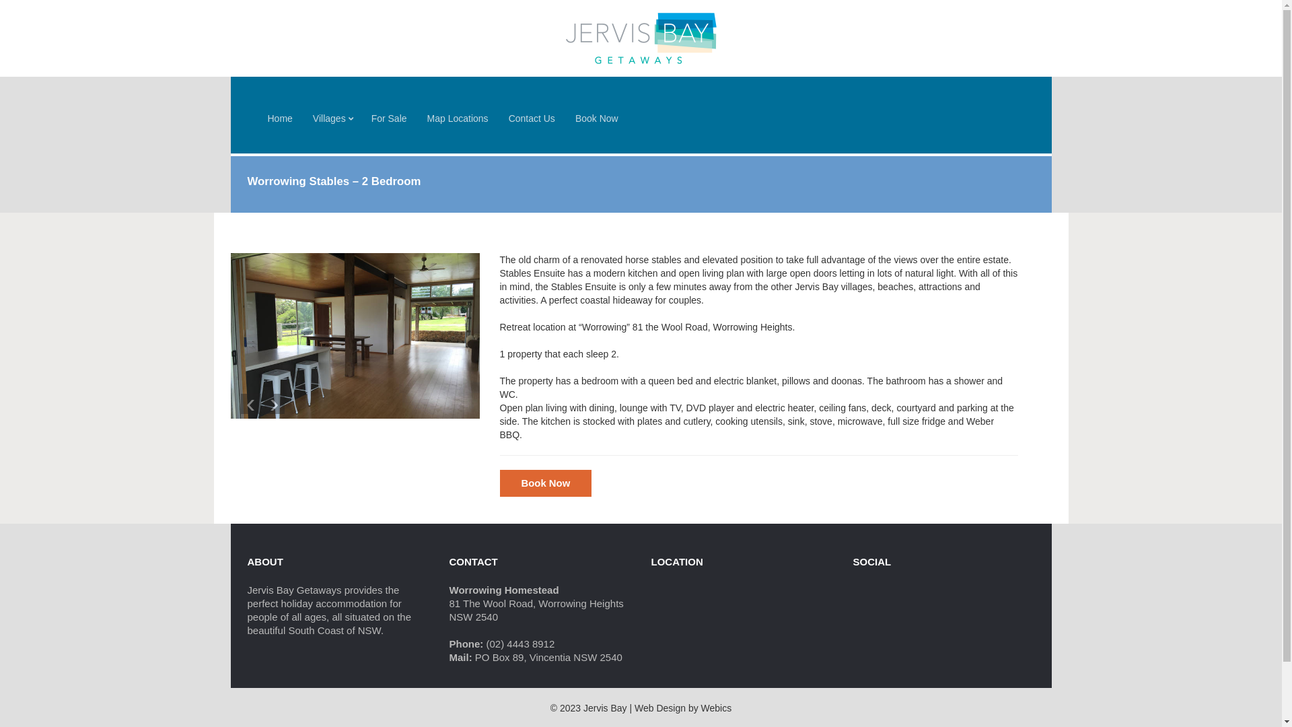 This screenshot has width=1292, height=727. Describe the element at coordinates (458, 118) in the screenshot. I see `'Map Locations'` at that location.